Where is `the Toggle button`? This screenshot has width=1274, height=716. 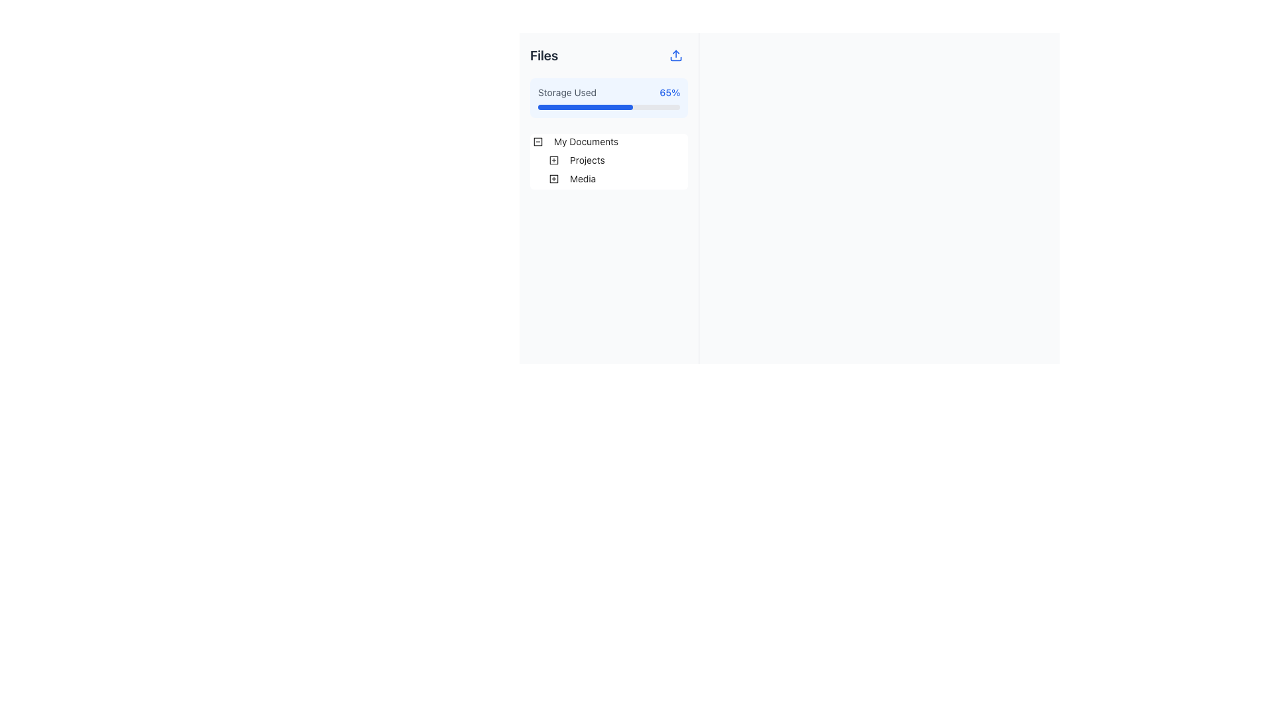
the Toggle button is located at coordinates (554, 179).